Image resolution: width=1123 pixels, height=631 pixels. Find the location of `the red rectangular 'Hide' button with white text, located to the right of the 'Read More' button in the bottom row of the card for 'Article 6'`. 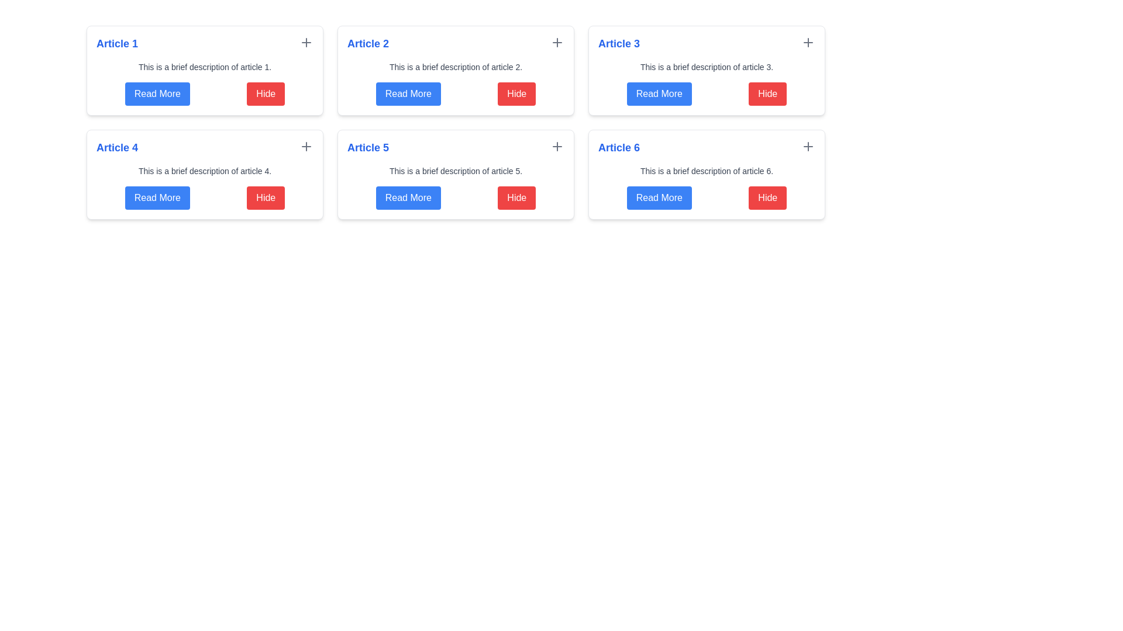

the red rectangular 'Hide' button with white text, located to the right of the 'Read More' button in the bottom row of the card for 'Article 6' is located at coordinates (767, 197).